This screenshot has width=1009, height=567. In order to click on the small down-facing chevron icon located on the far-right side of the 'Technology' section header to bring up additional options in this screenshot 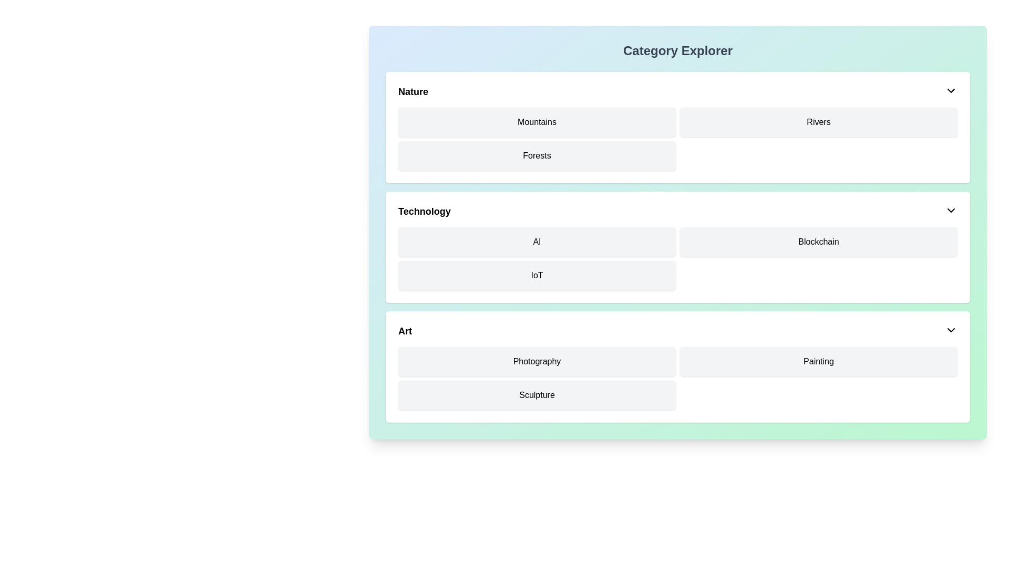, I will do `click(951, 211)`.